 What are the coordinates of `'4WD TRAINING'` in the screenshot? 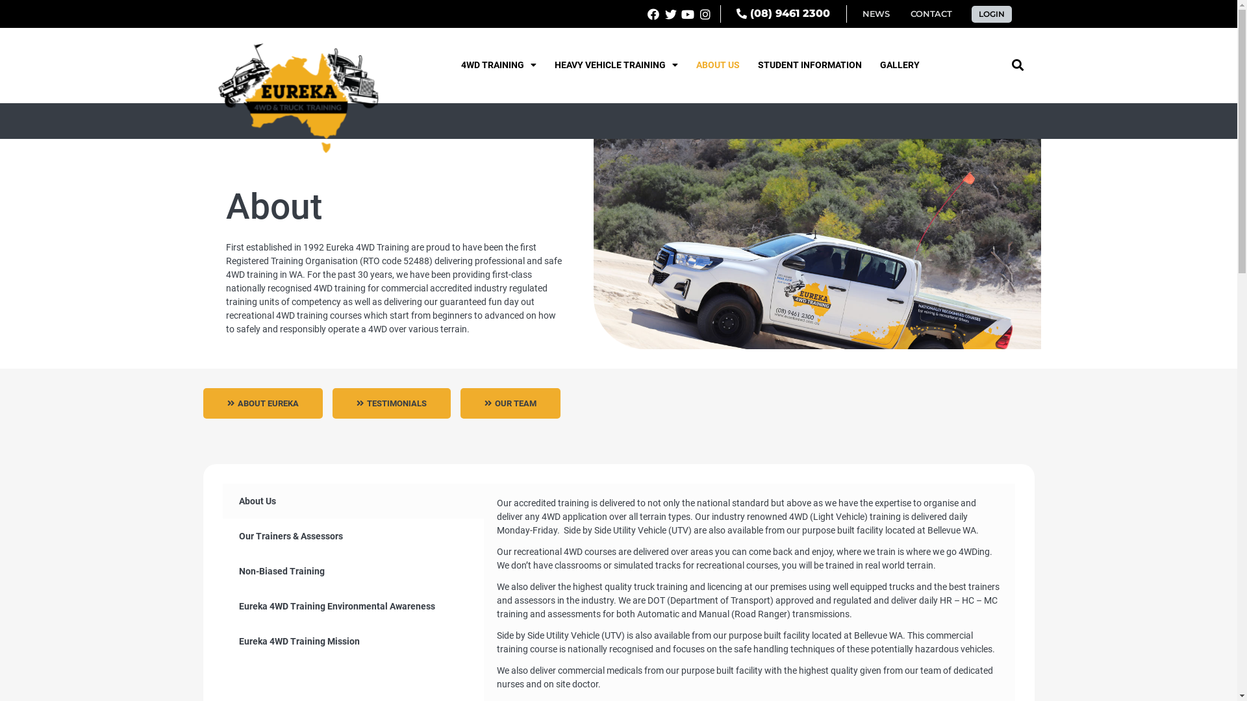 It's located at (498, 65).